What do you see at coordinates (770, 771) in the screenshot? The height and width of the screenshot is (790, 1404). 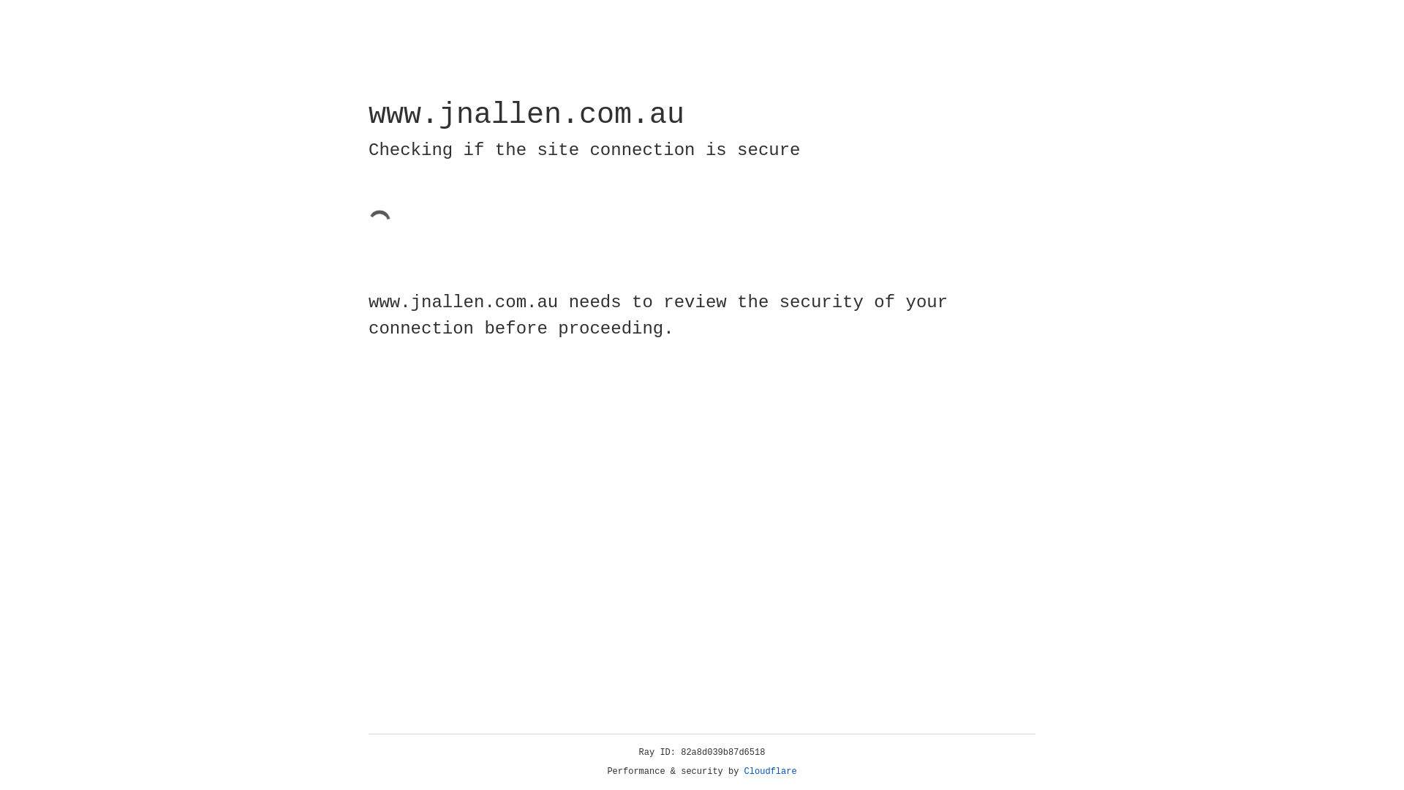 I see `'Cloudflare'` at bounding box center [770, 771].